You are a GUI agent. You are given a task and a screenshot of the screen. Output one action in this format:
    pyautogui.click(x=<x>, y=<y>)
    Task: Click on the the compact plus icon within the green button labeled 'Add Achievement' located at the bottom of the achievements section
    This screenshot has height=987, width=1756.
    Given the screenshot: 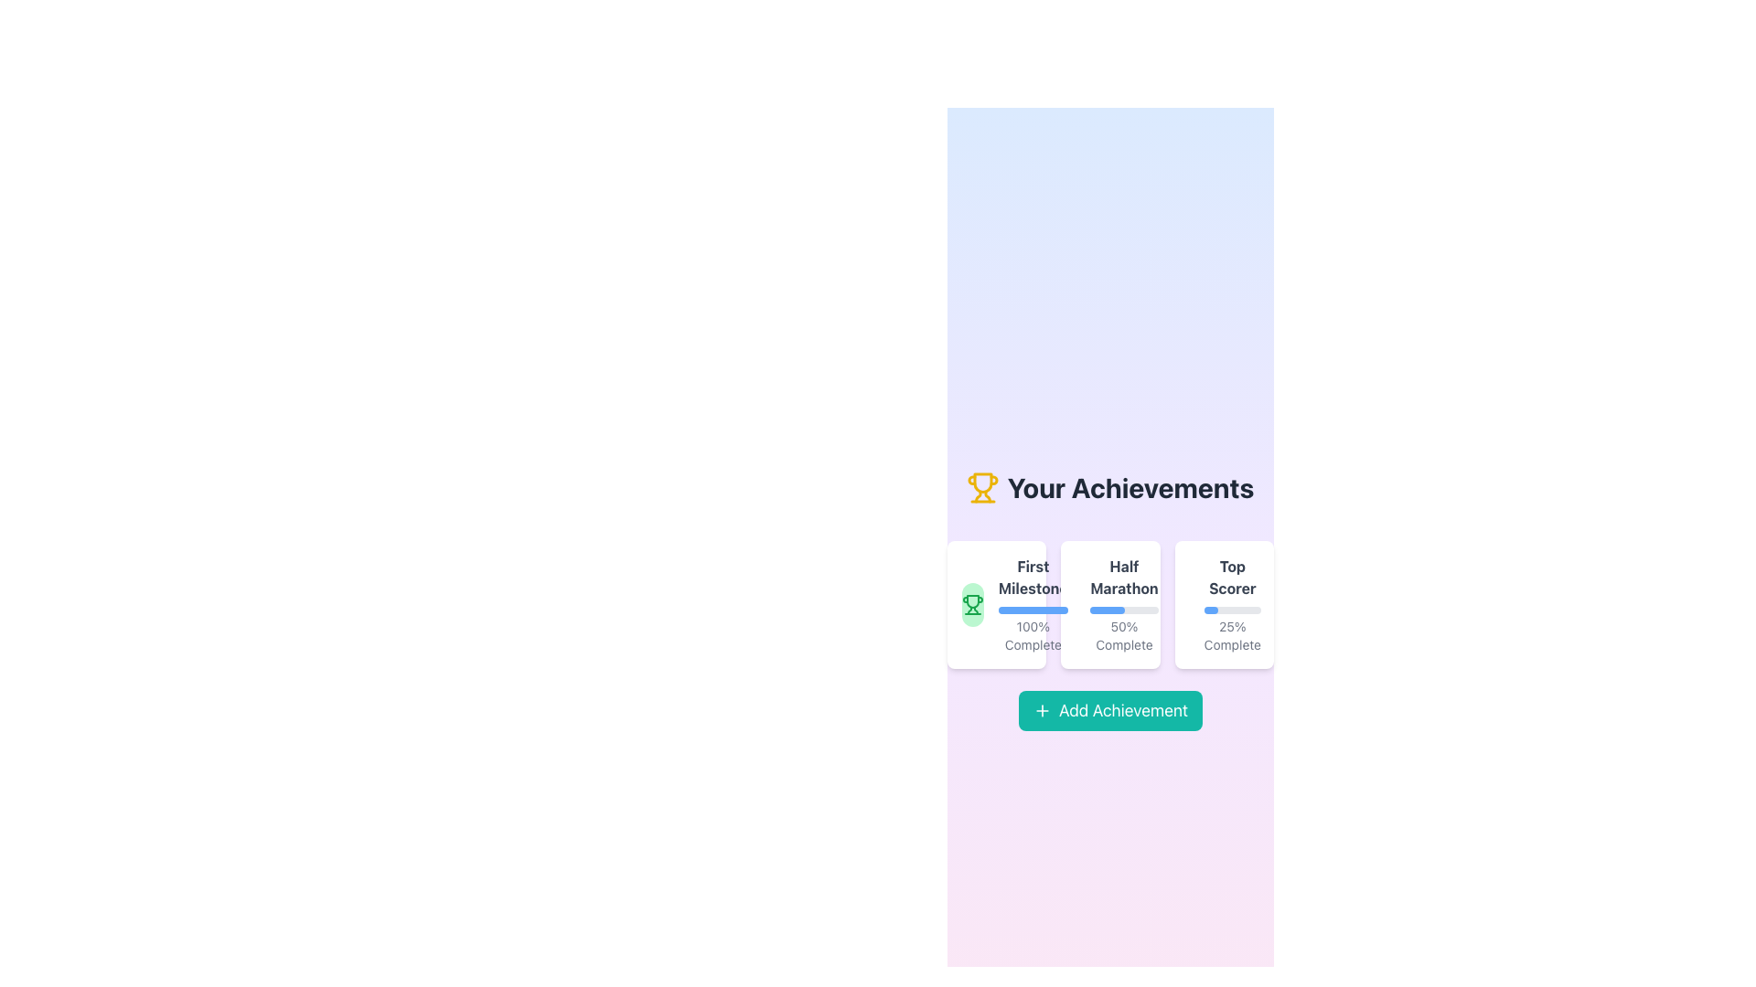 What is the action you would take?
    pyautogui.click(x=1042, y=710)
    